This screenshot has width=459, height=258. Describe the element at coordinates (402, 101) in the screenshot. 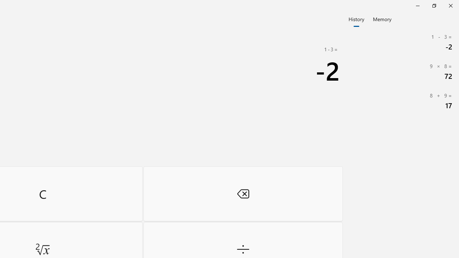

I see `'8 + 9= 17'` at that location.